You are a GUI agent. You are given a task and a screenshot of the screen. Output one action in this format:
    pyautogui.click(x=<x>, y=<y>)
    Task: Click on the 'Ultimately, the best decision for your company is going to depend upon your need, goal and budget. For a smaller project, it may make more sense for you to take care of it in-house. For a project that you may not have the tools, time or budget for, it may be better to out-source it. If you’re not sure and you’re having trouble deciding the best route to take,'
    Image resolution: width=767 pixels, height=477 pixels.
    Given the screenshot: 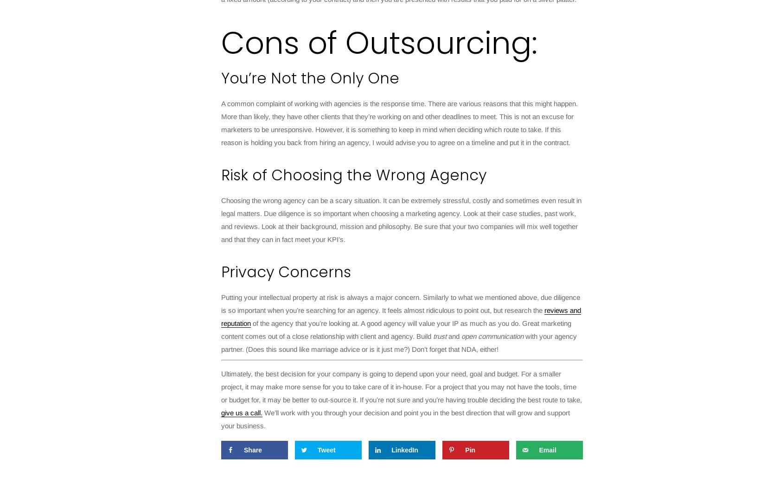 What is the action you would take?
    pyautogui.click(x=221, y=386)
    